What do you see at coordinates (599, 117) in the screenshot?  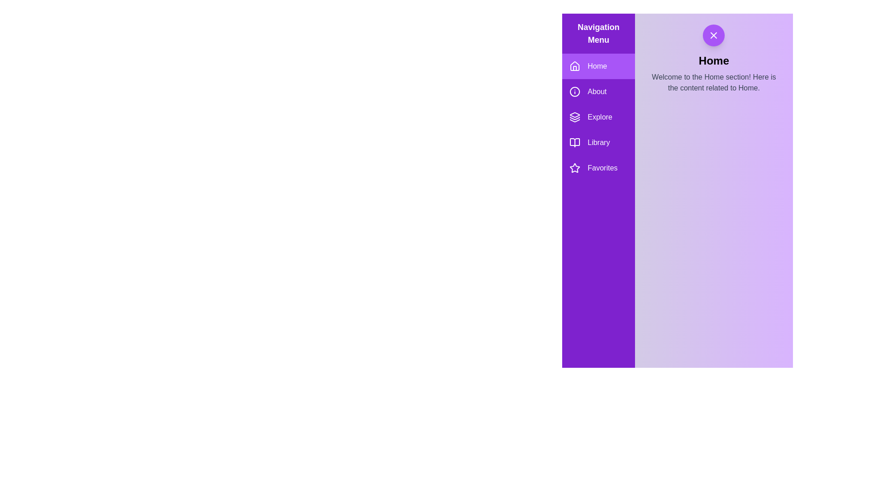 I see `the navigation menu item Explore` at bounding box center [599, 117].